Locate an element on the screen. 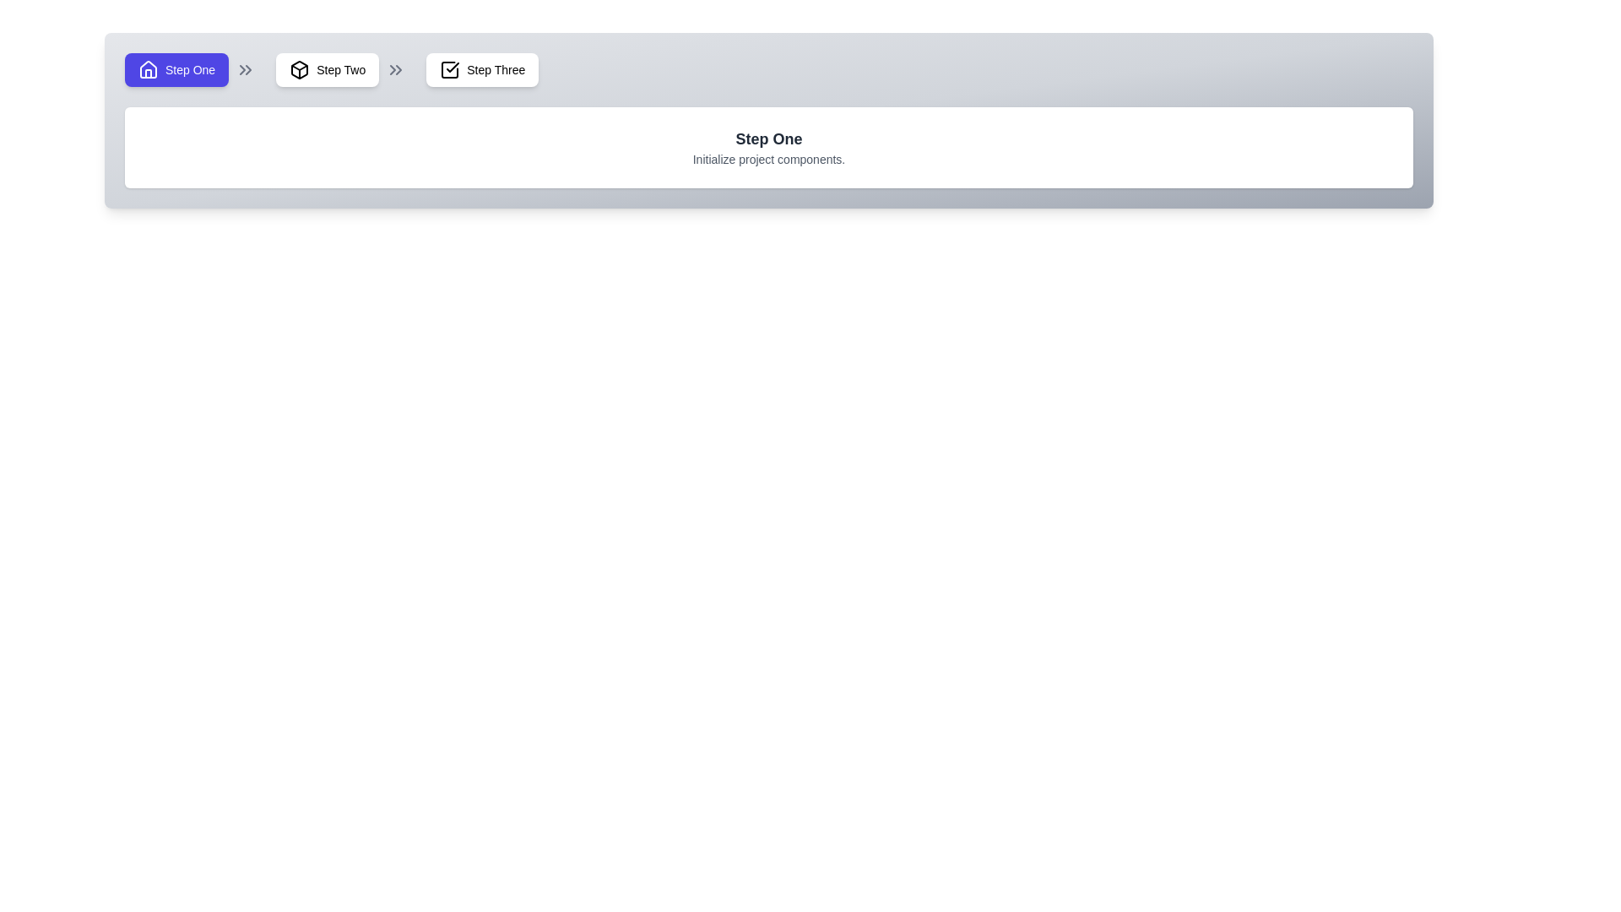 This screenshot has width=1621, height=912. the label indicating 'Step Three' in the multi-step navigation sequence is located at coordinates (495, 69).